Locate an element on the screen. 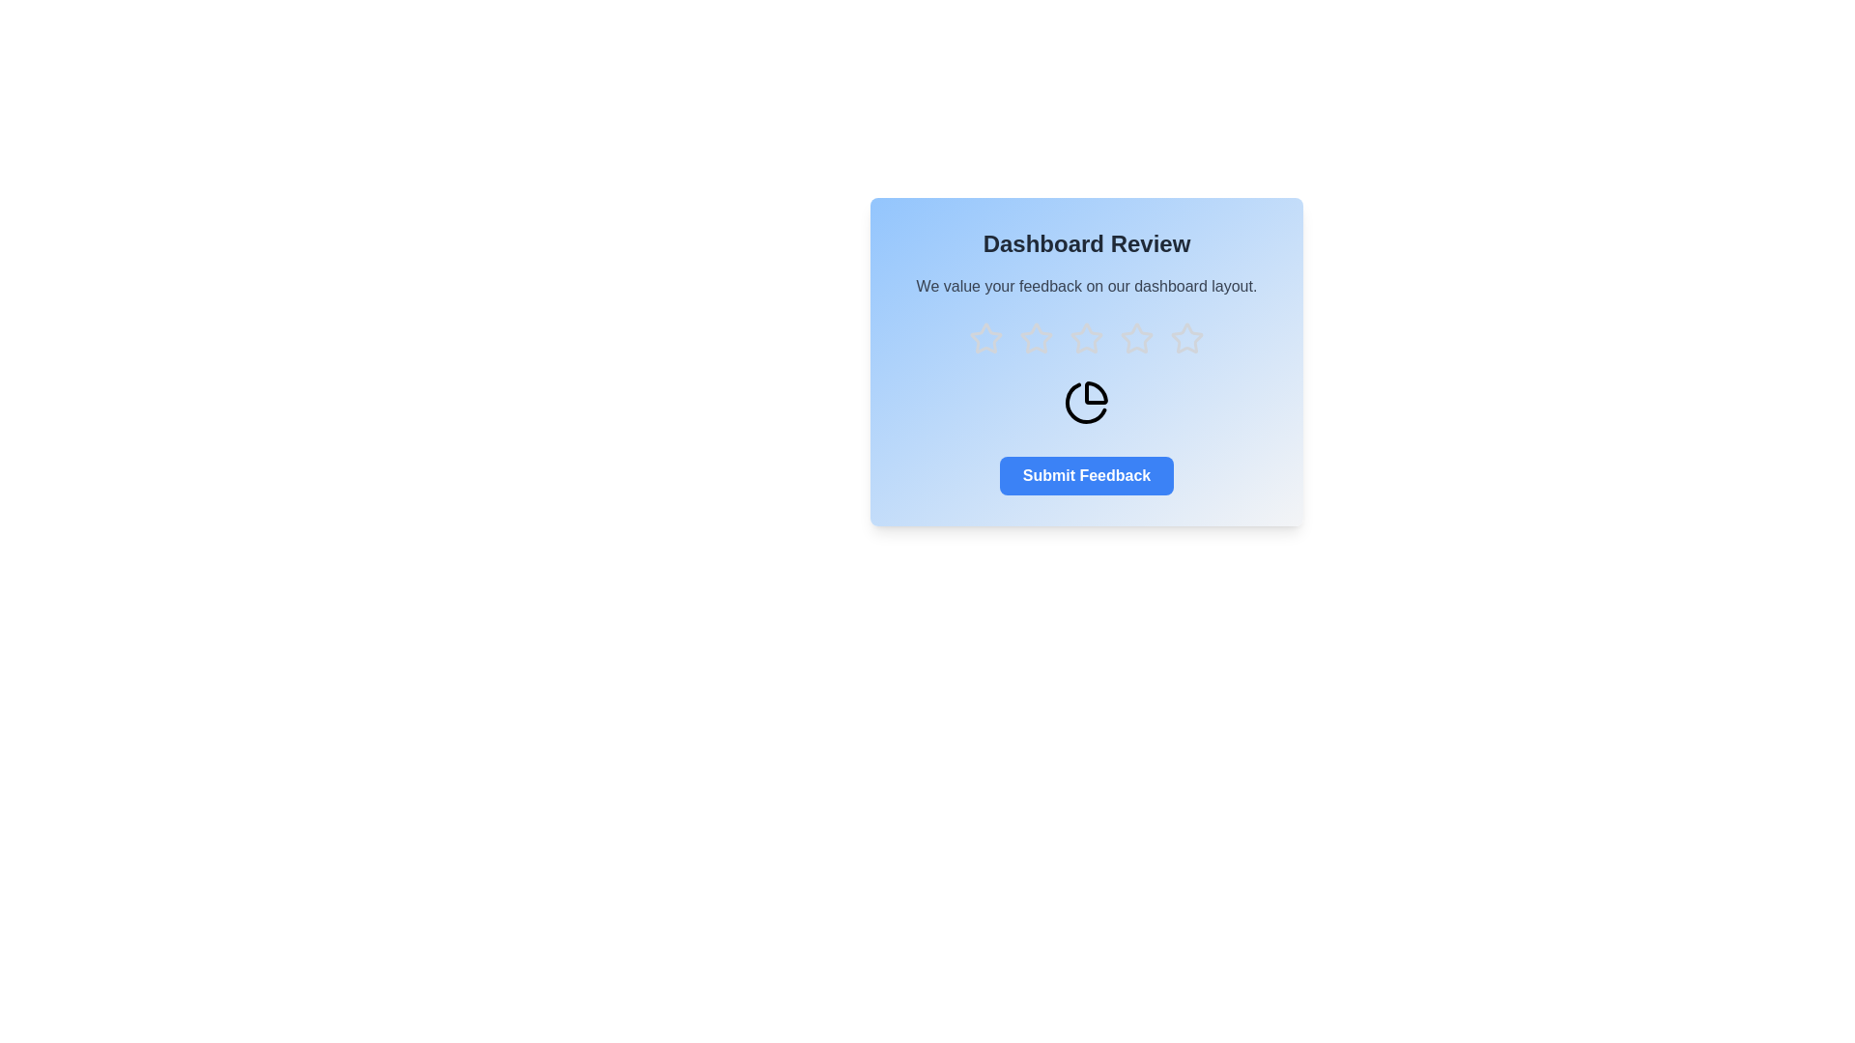  the star corresponding to the rating 4 is located at coordinates (1136, 338).